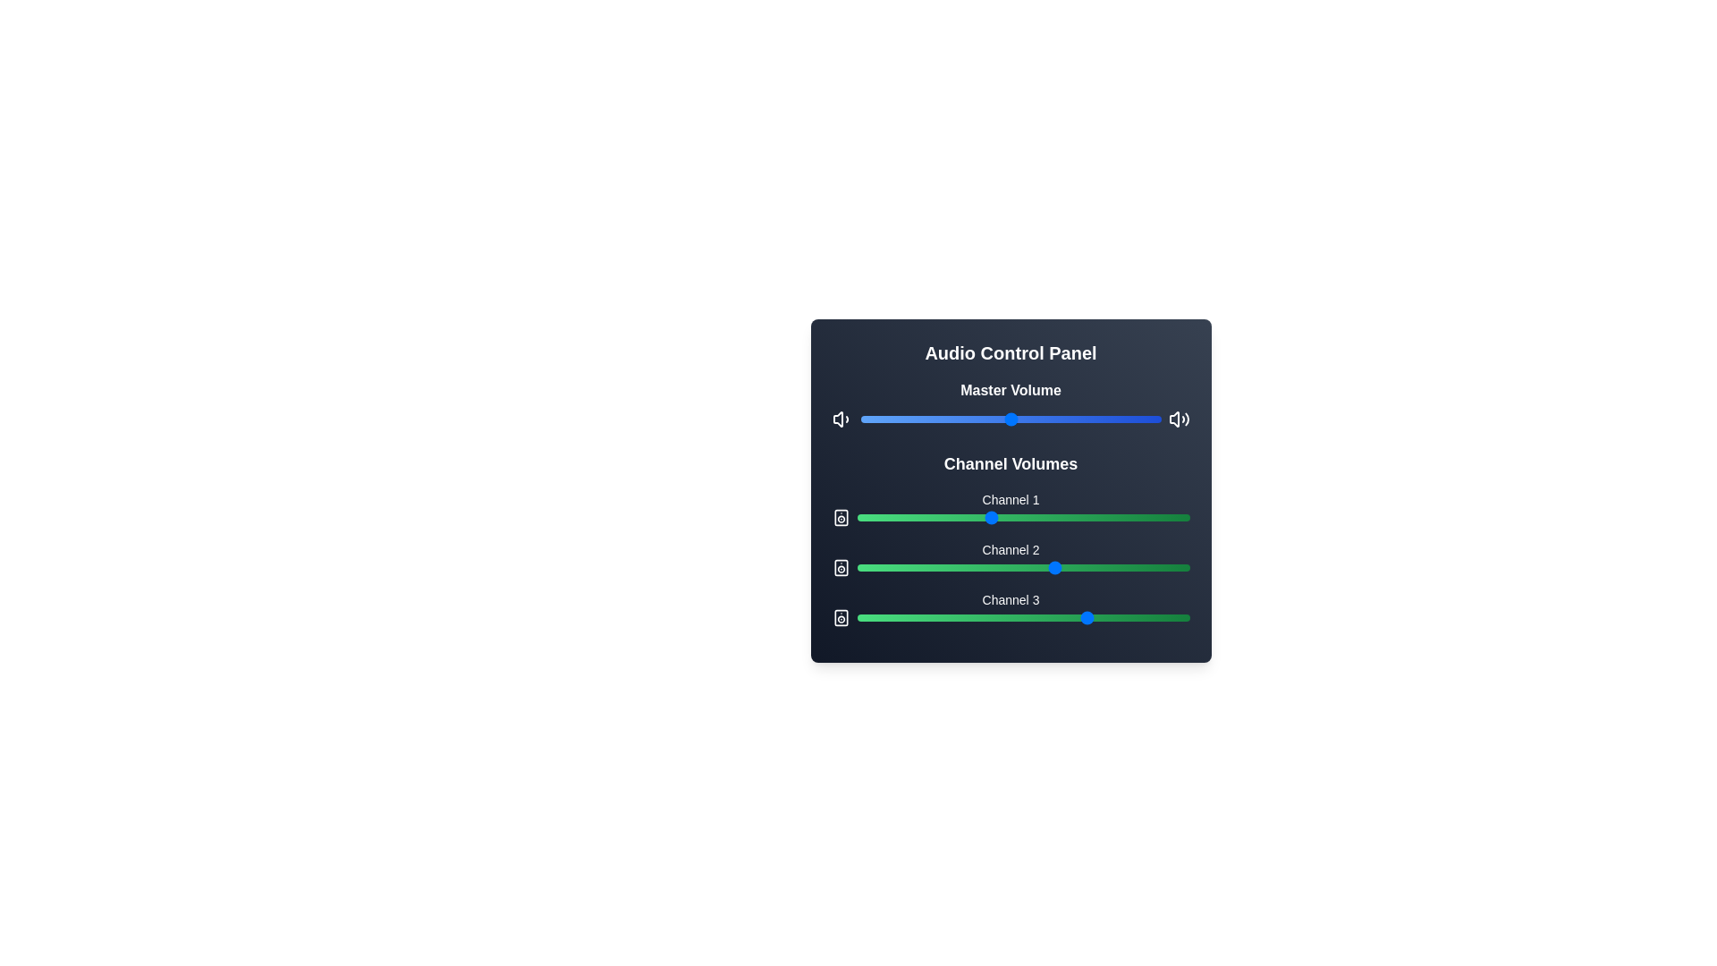 Image resolution: width=1717 pixels, height=966 pixels. What do you see at coordinates (1082, 616) in the screenshot?
I see `the slider value` at bounding box center [1082, 616].